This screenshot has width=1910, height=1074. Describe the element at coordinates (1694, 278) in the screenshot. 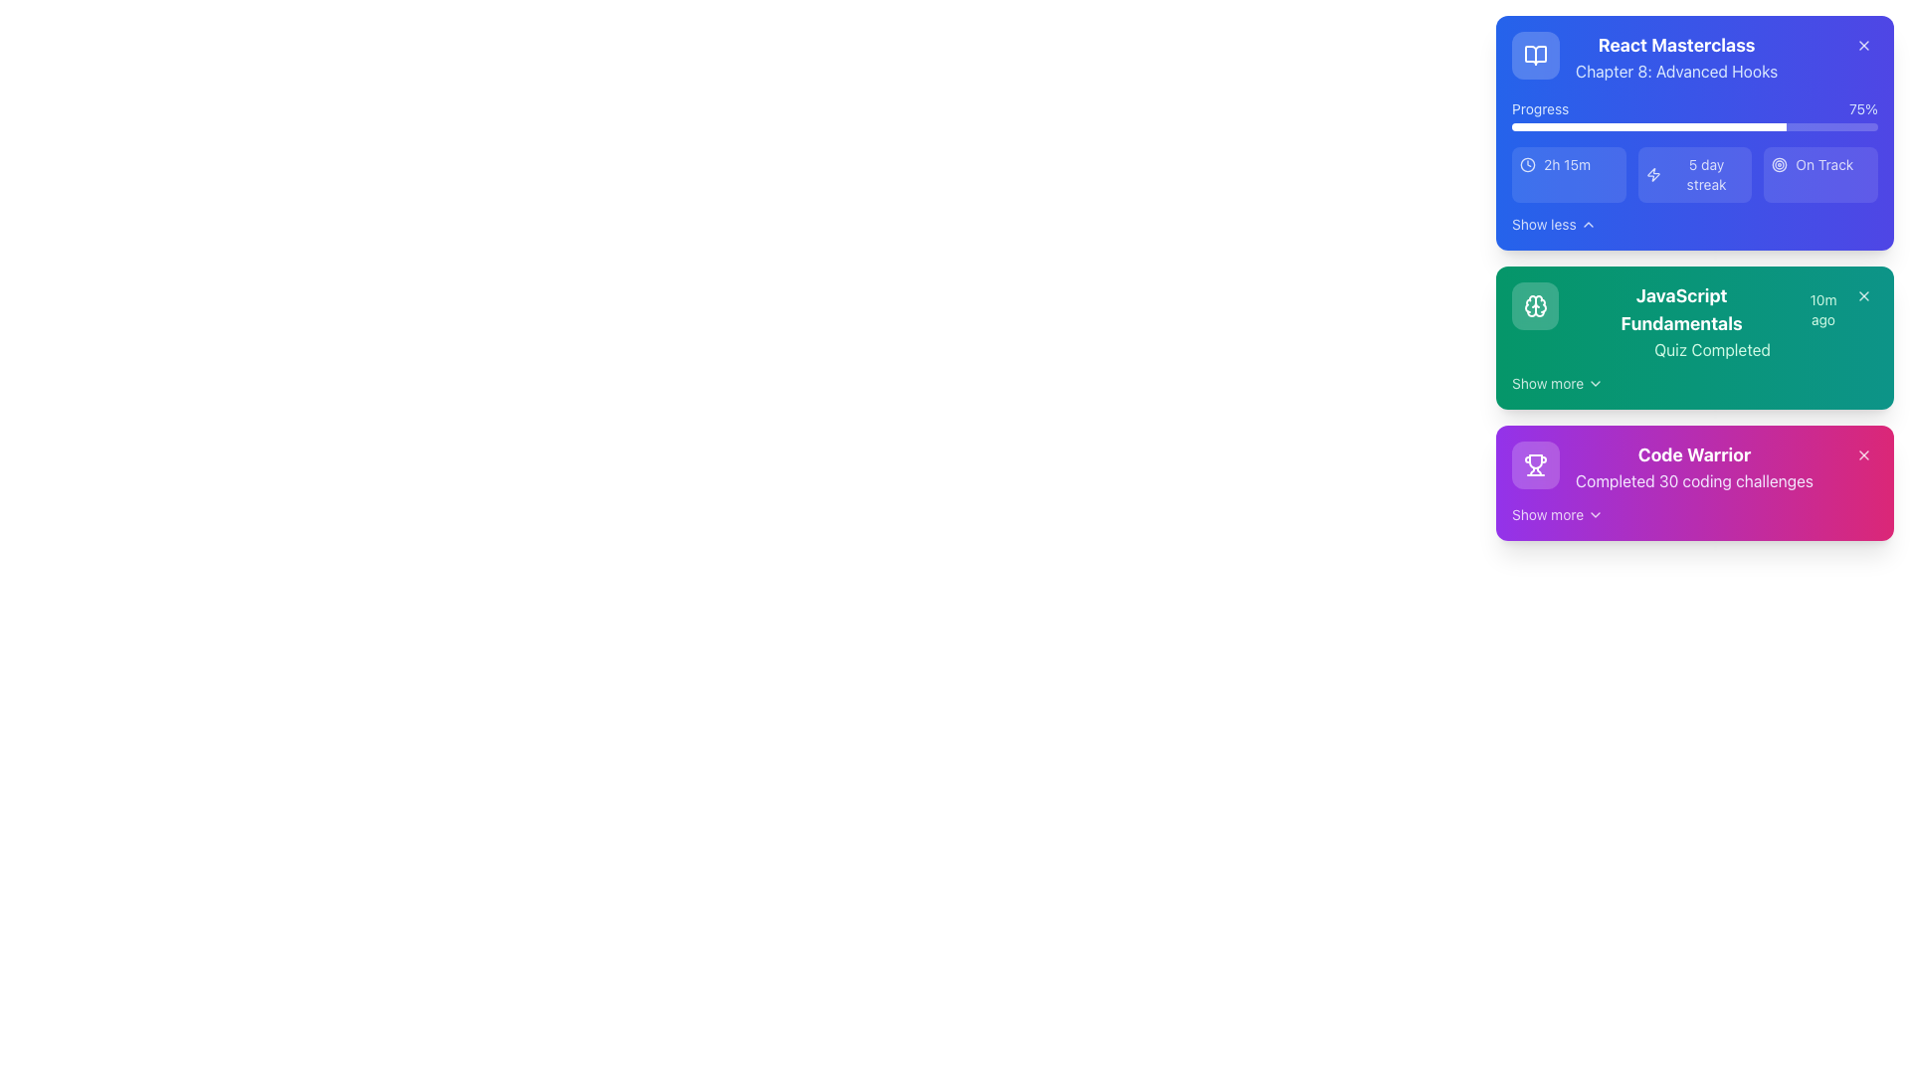

I see `information displayed on the Notification panel indicating the completion of a quiz in the 'JavaScript Fundamentals' section, which is the second panel in the stack of three panels` at that location.